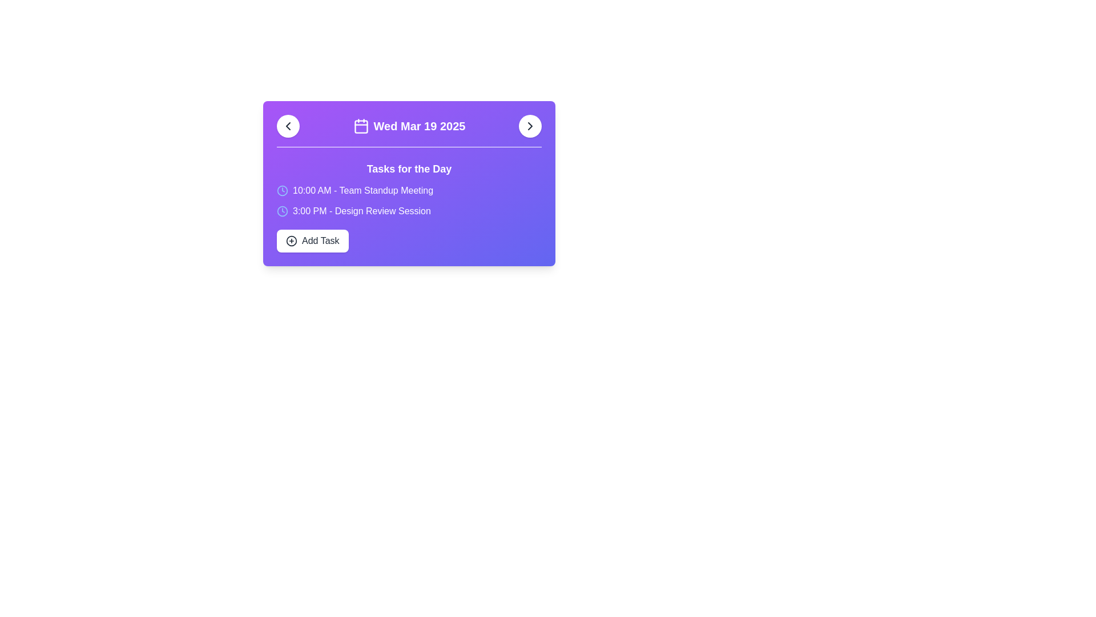 The width and height of the screenshot is (1096, 617). Describe the element at coordinates (282, 211) in the screenshot. I see `the SVG circle that visually represents the boundary of the clock icon, located to the left of the text '10:00 AM - Team Standup Meeting'` at that location.